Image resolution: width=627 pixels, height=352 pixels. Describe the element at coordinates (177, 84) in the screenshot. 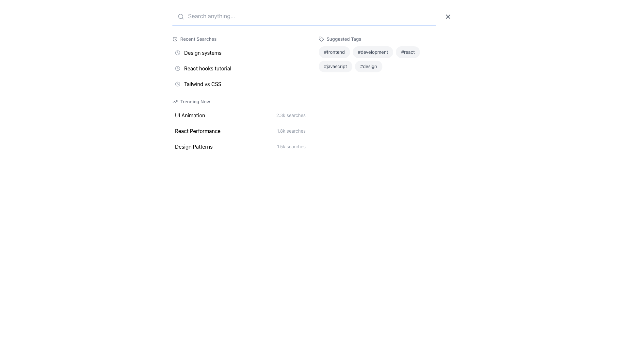

I see `the clock icon representing the 'Tailwind vs CSS' entry in the 'Recent Searches' section` at that location.